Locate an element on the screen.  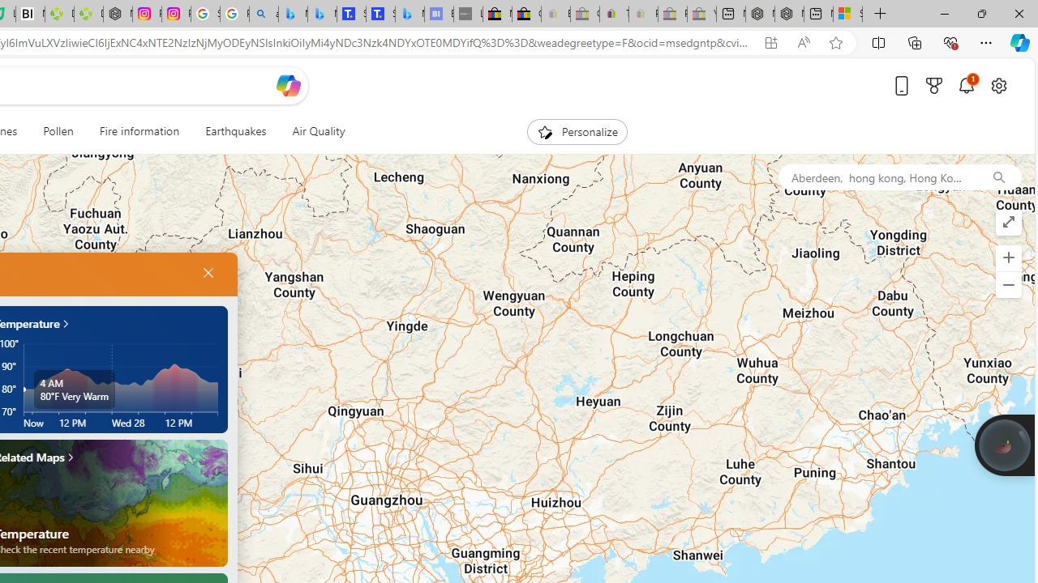
'Nordace - Nordace Edin Collection' is located at coordinates (117, 14).